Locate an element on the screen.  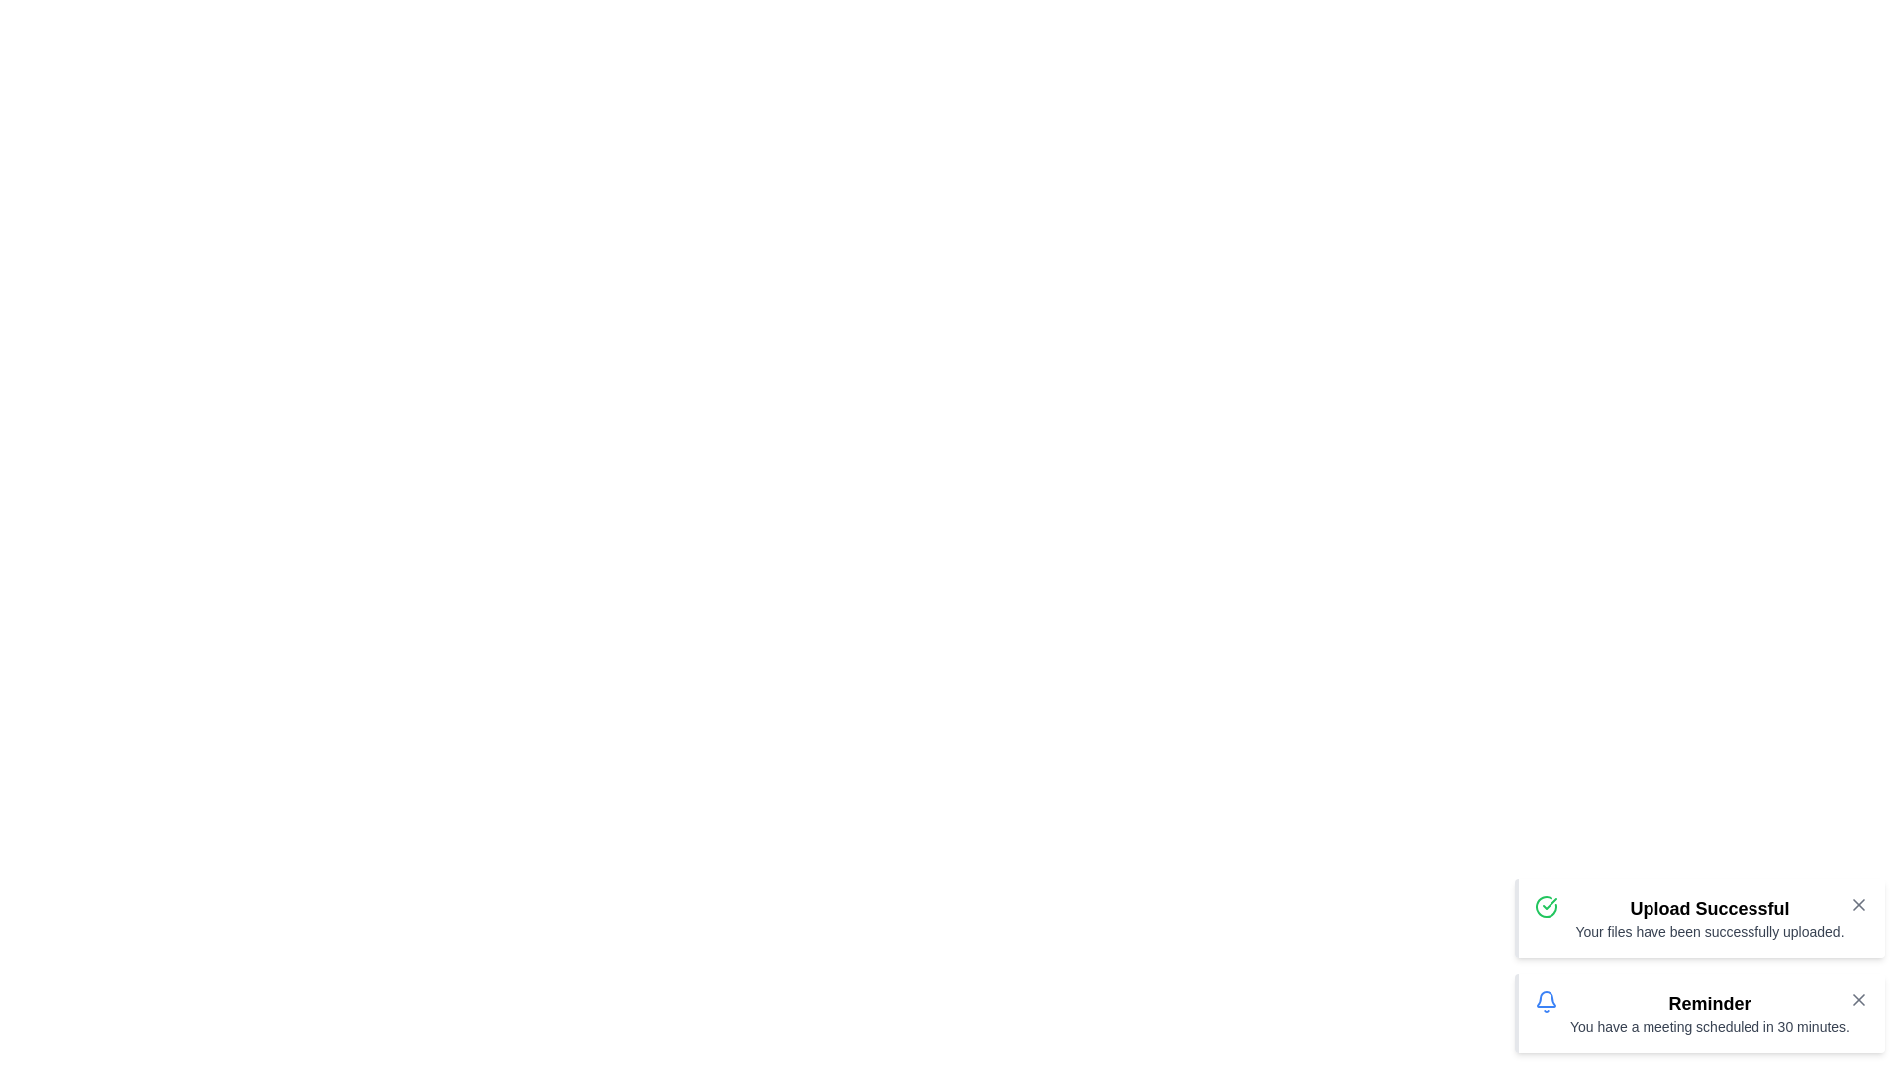
the notification list vertically by -12 pixels is located at coordinates (1698, 964).